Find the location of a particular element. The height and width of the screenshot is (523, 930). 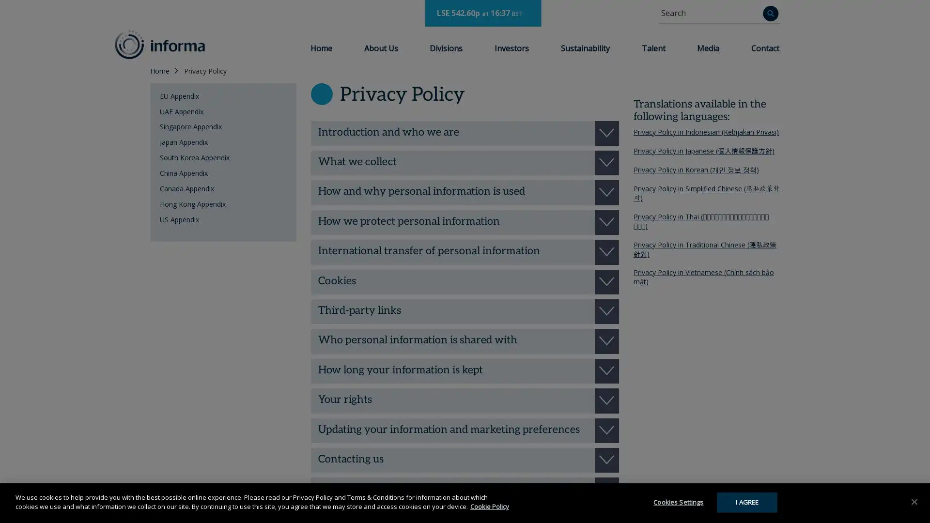

Close is located at coordinates (914, 501).